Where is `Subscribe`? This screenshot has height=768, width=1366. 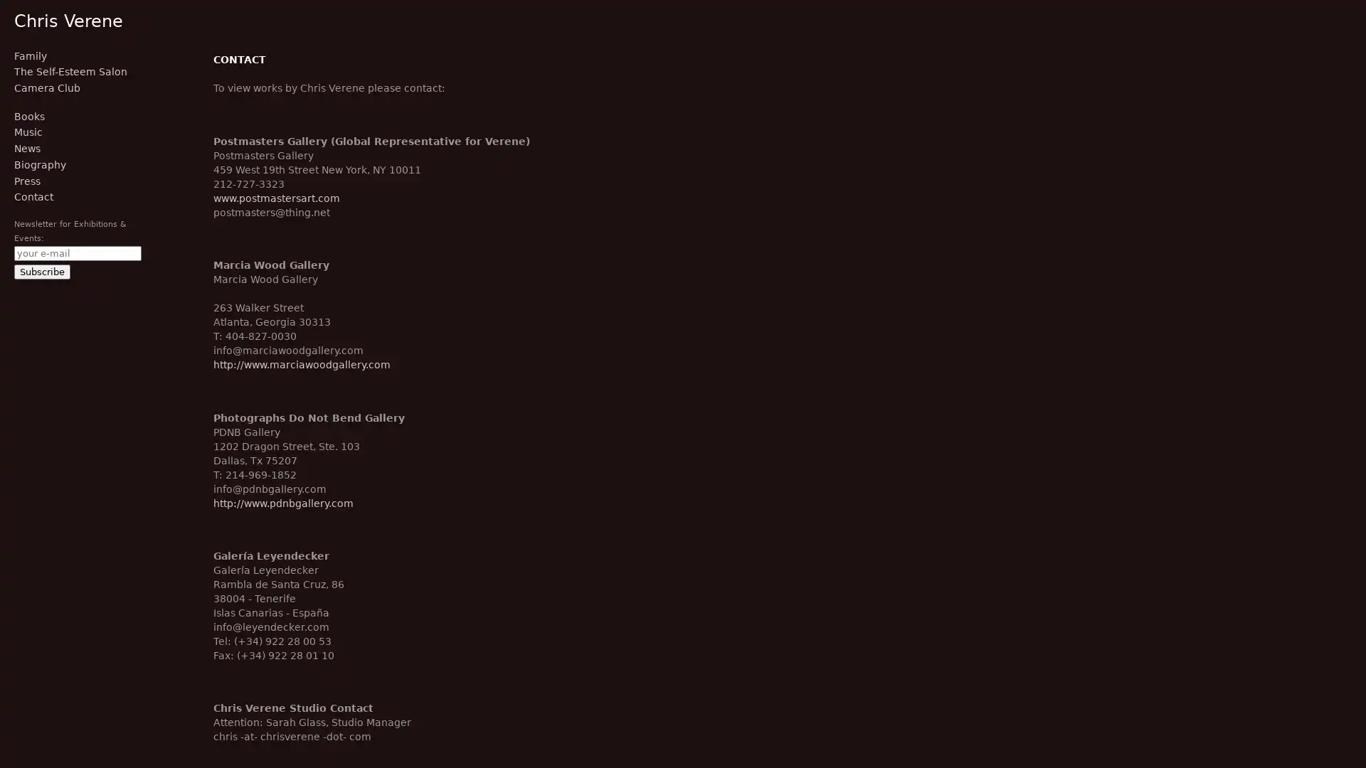 Subscribe is located at coordinates (42, 271).